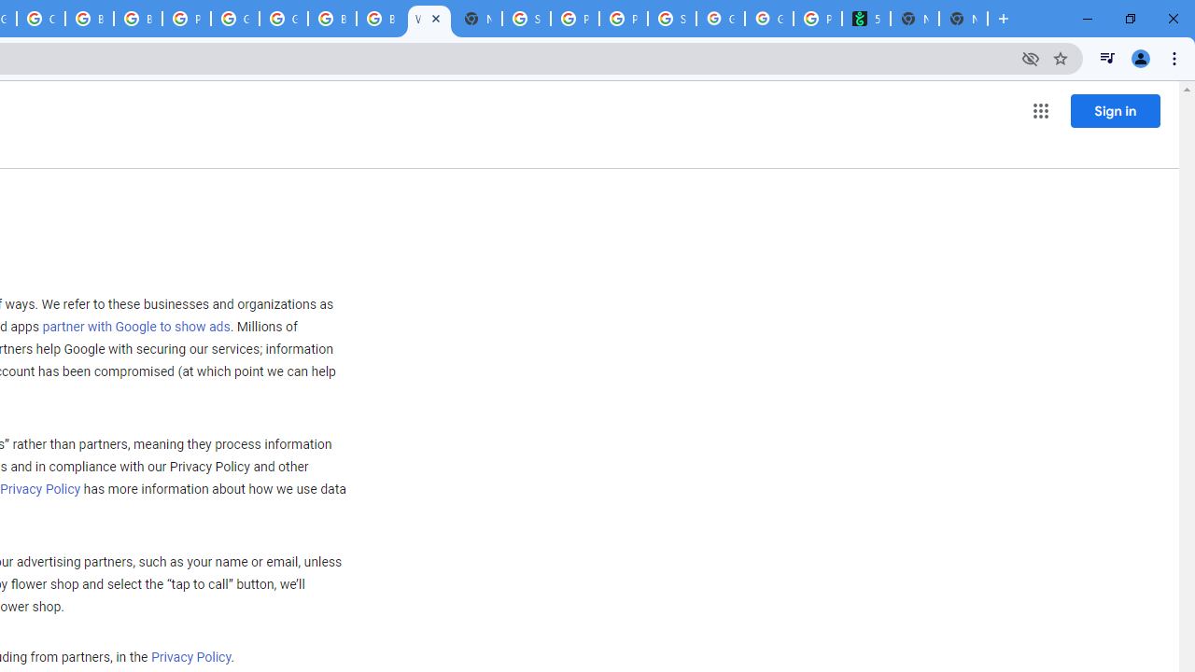 Image resolution: width=1195 pixels, height=672 pixels. What do you see at coordinates (234, 19) in the screenshot?
I see `'Google Cloud Platform'` at bounding box center [234, 19].